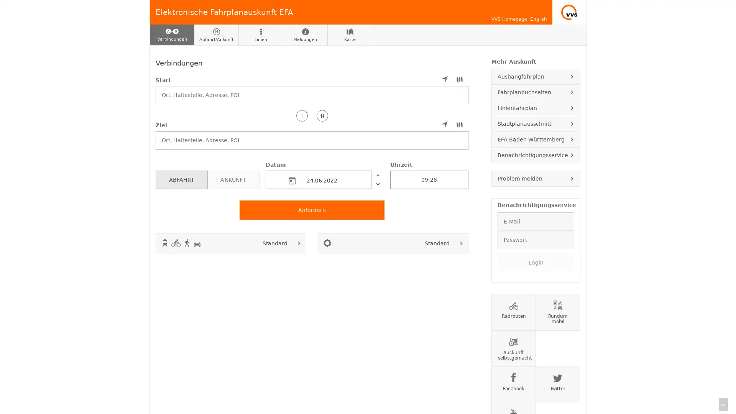 This screenshot has height=414, width=736. What do you see at coordinates (216, 35) in the screenshot?
I see `Abfahrt/Ankunft` at bounding box center [216, 35].